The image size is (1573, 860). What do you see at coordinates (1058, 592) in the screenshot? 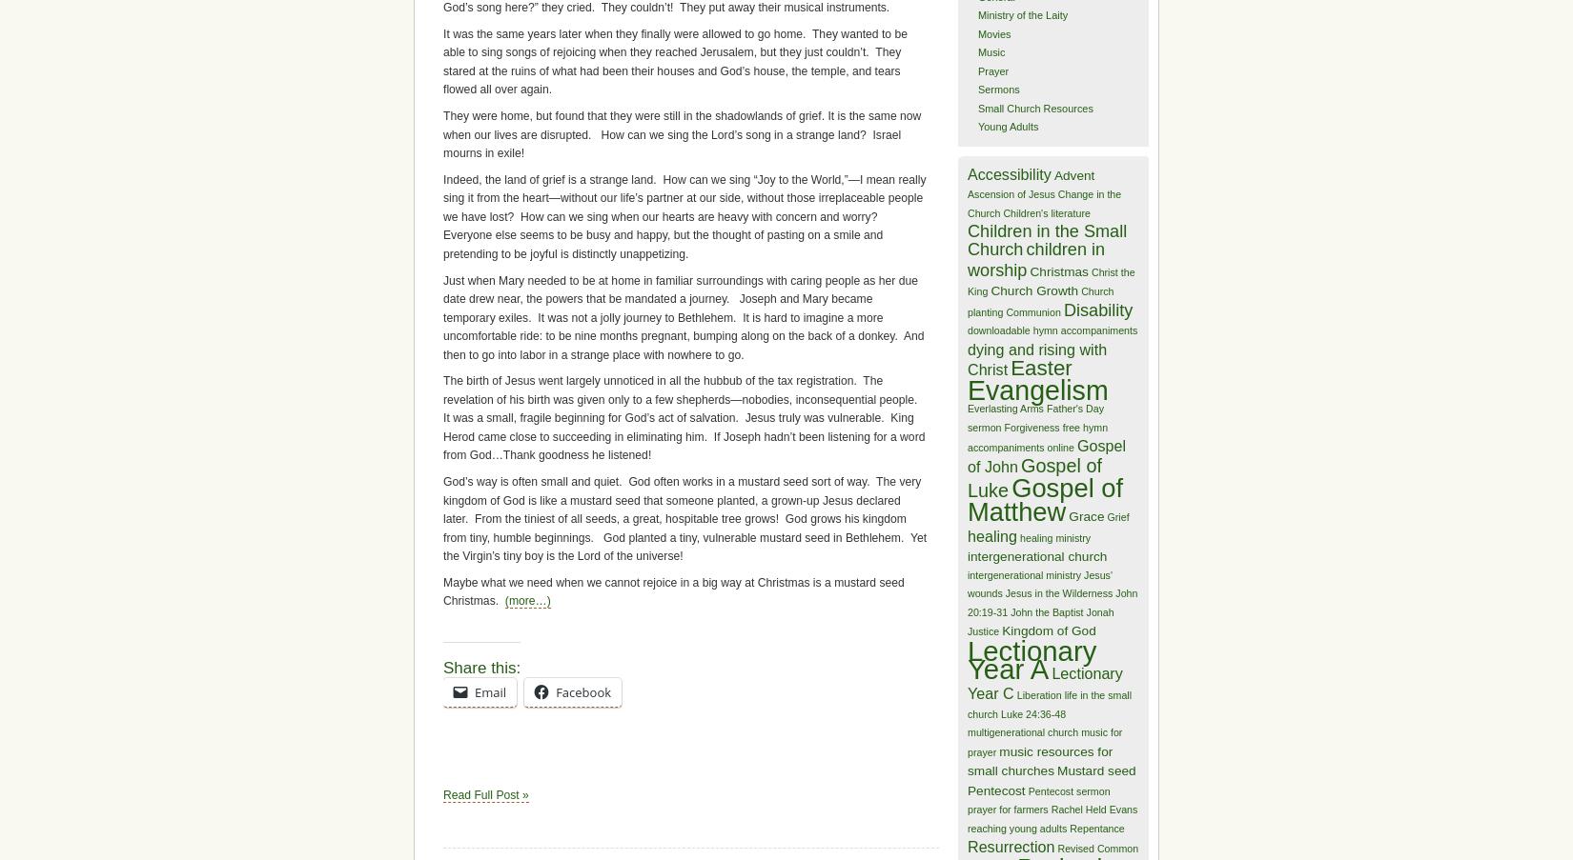
I see `'Jesus in the Wilderness'` at bounding box center [1058, 592].